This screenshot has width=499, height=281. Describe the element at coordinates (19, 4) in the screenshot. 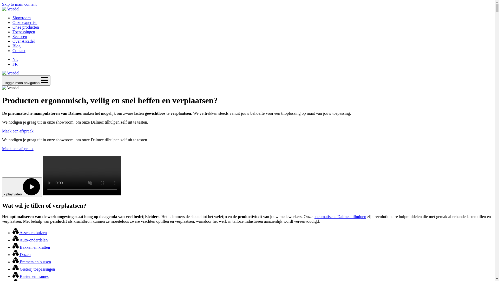

I see `'Skip to main content'` at that location.